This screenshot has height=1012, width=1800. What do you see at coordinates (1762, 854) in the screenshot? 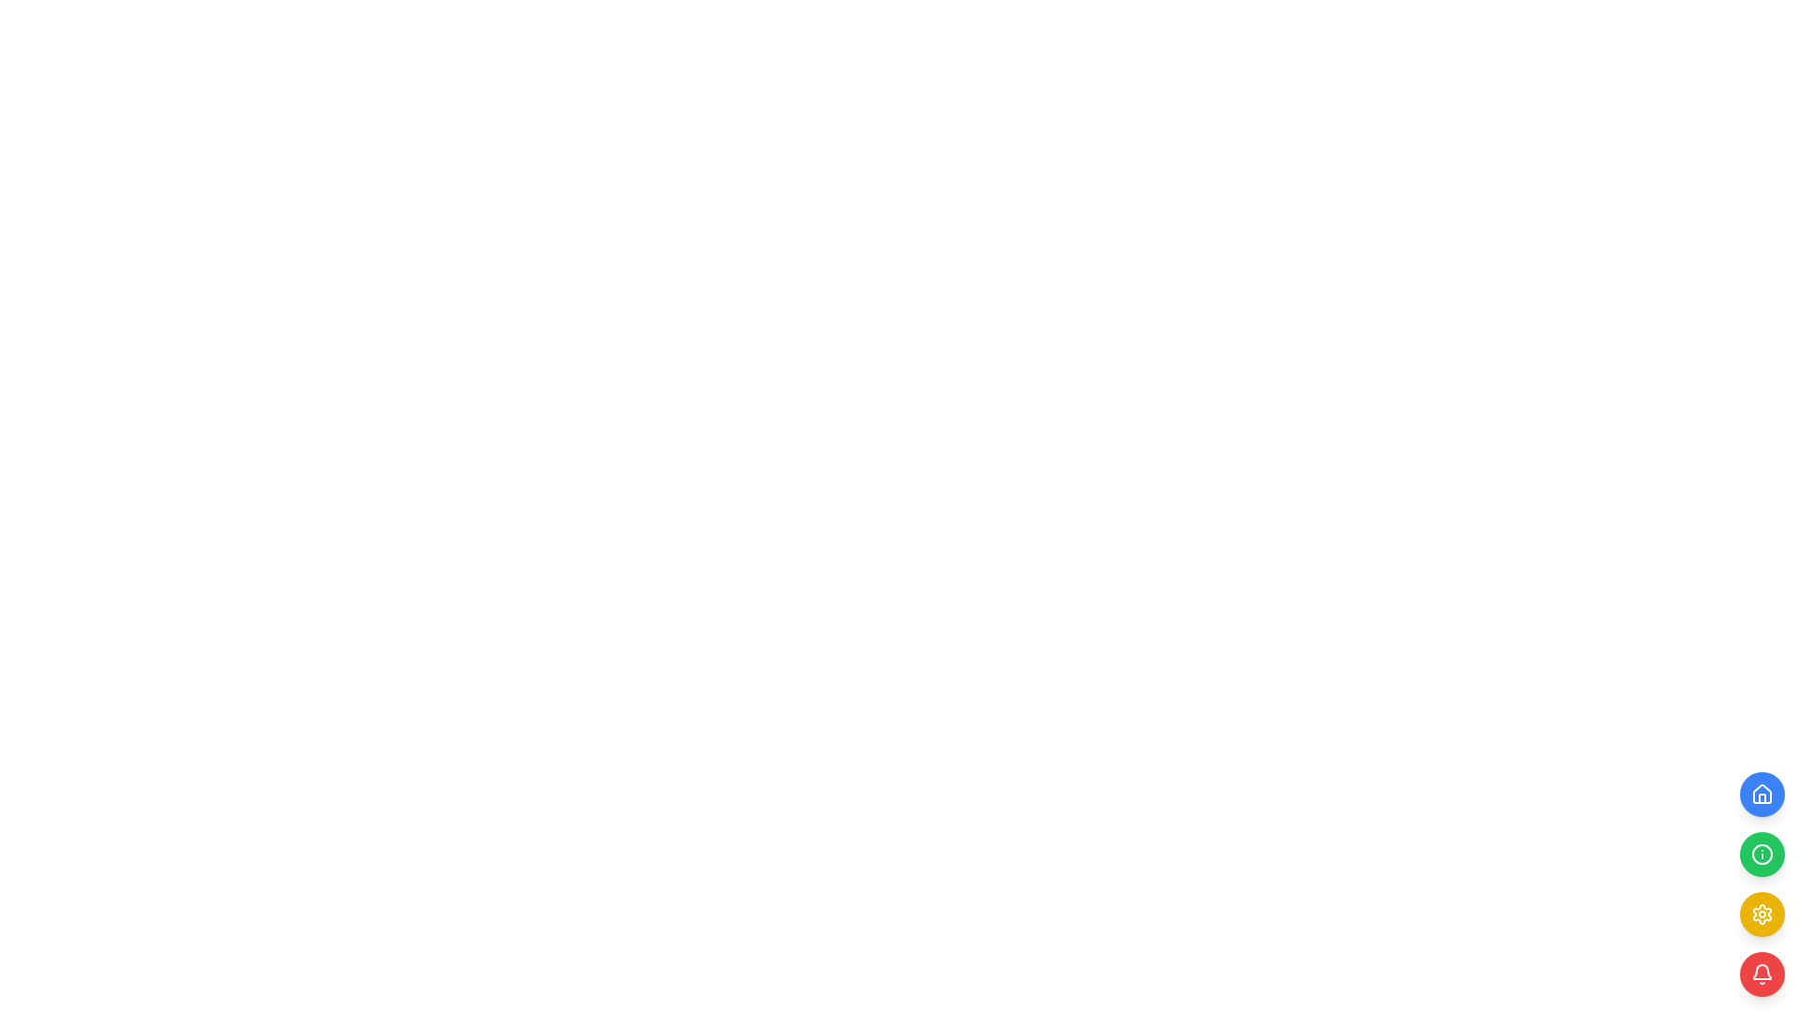
I see `the third circular icon in the vertical menu on the right side of the interface` at bounding box center [1762, 854].